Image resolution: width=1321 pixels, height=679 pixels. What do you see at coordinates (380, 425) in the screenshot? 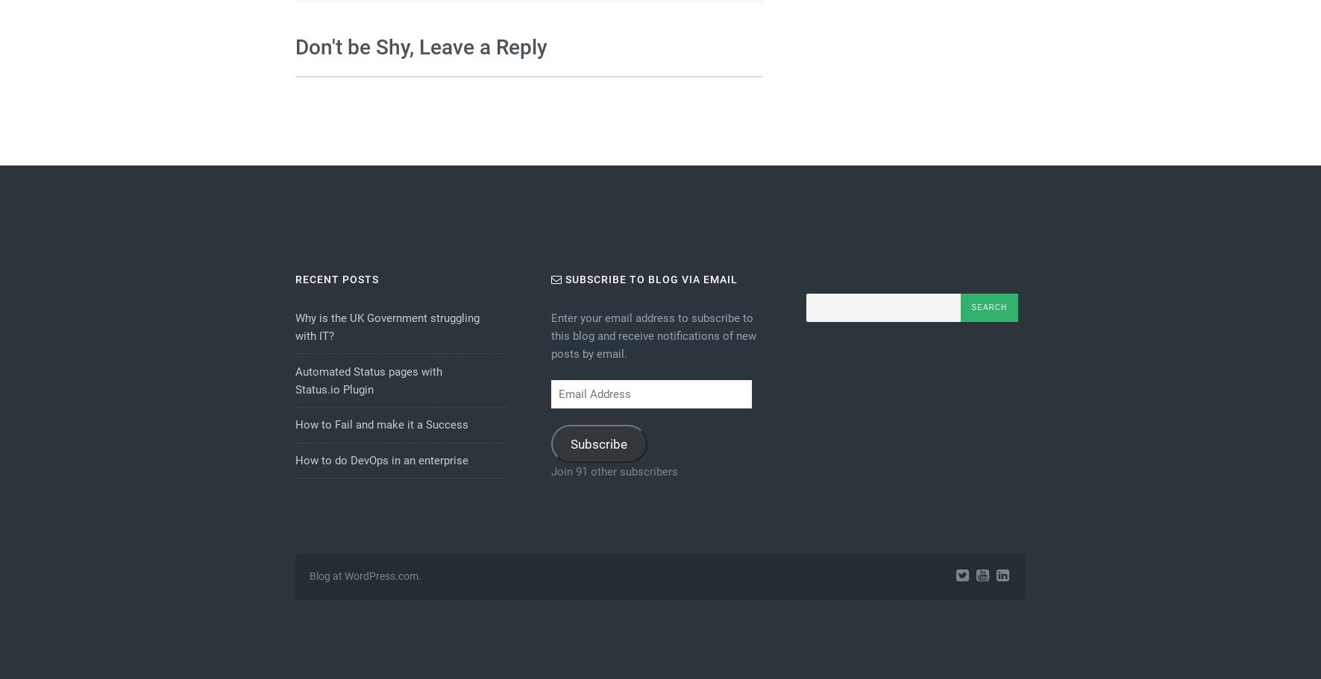
I see `'How to Fail and make it a Success'` at bounding box center [380, 425].